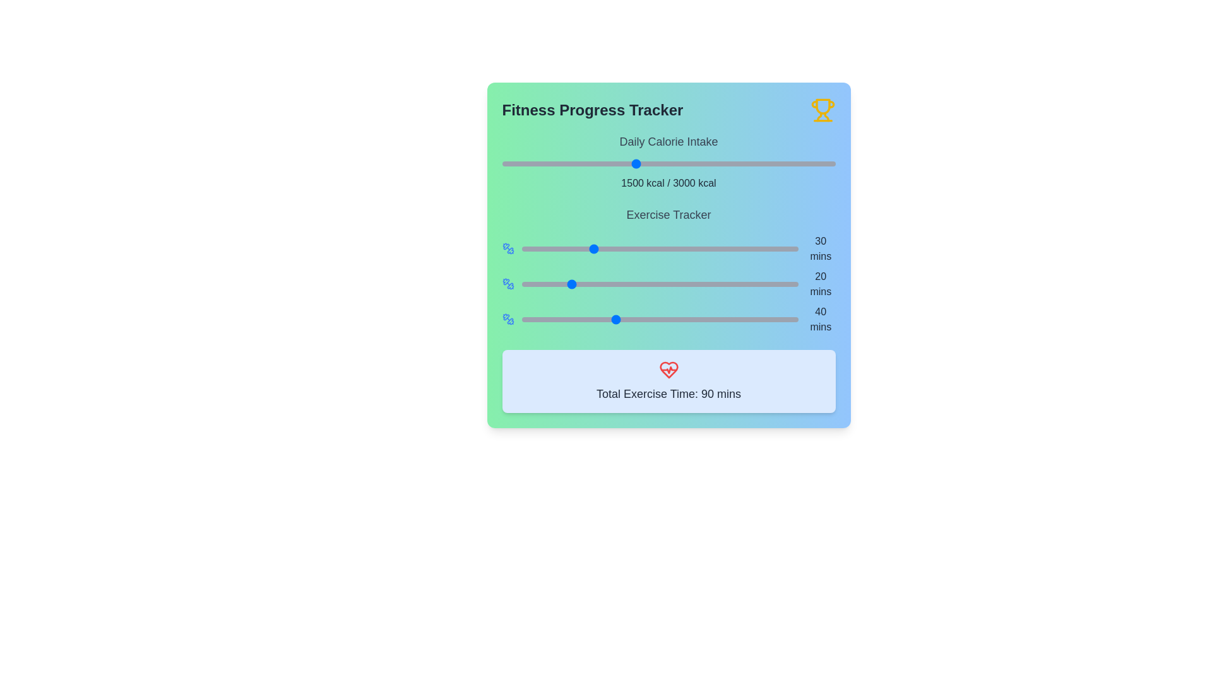  Describe the element at coordinates (775, 248) in the screenshot. I see `the exercise time` at that location.